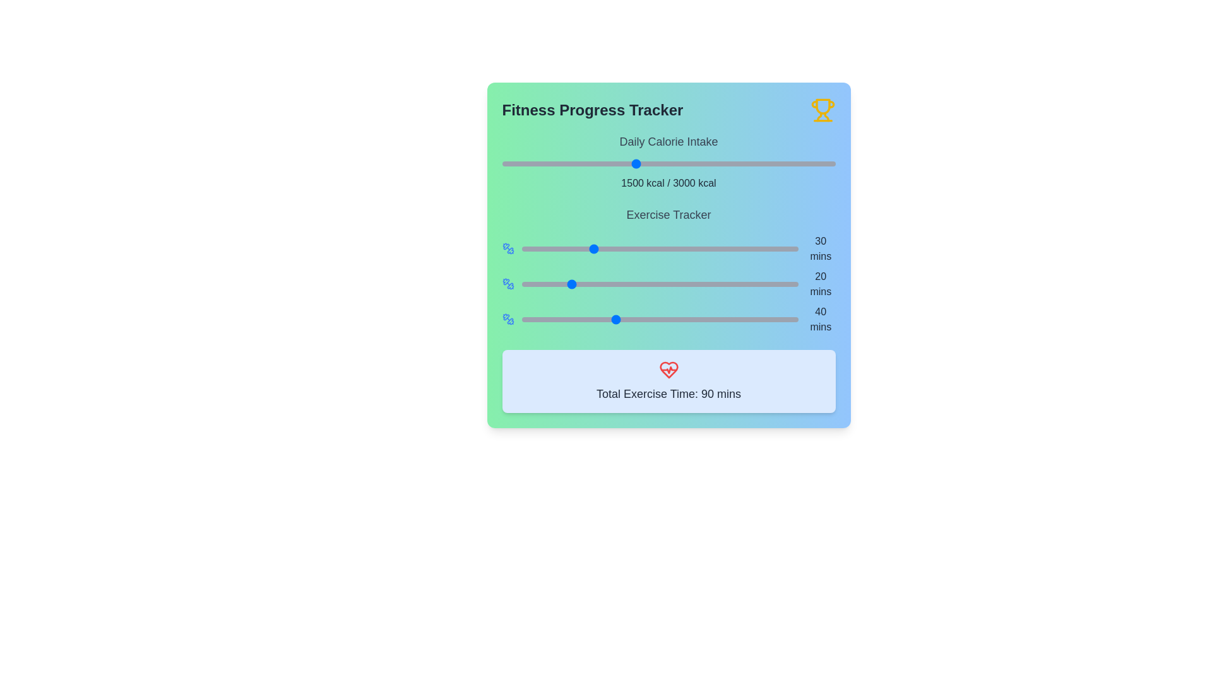  Describe the element at coordinates (775, 248) in the screenshot. I see `the exercise time` at that location.